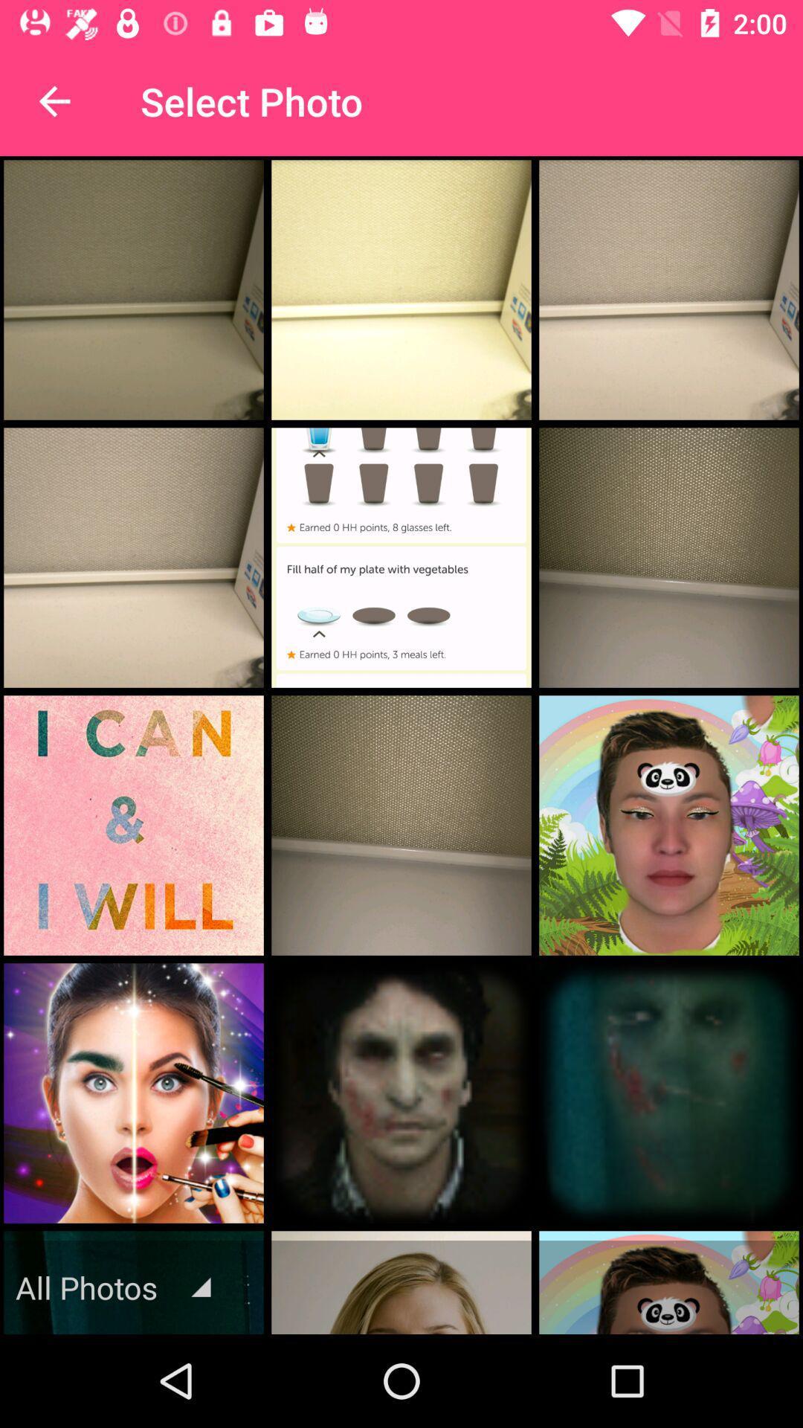 This screenshot has height=1428, width=803. I want to click on the item to the left of the select photo item, so click(54, 100).